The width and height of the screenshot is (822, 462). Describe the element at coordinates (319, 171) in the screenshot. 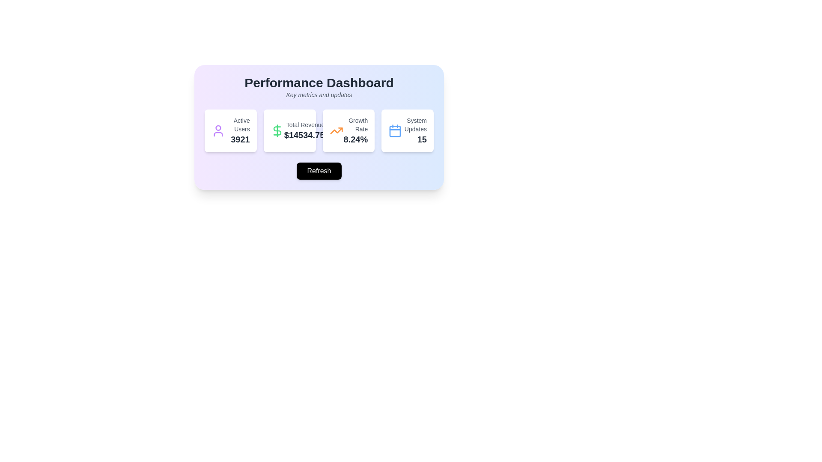

I see `the refresh button located at the bottom-center of the performance dashboard section to refresh the displayed dashboard data` at that location.